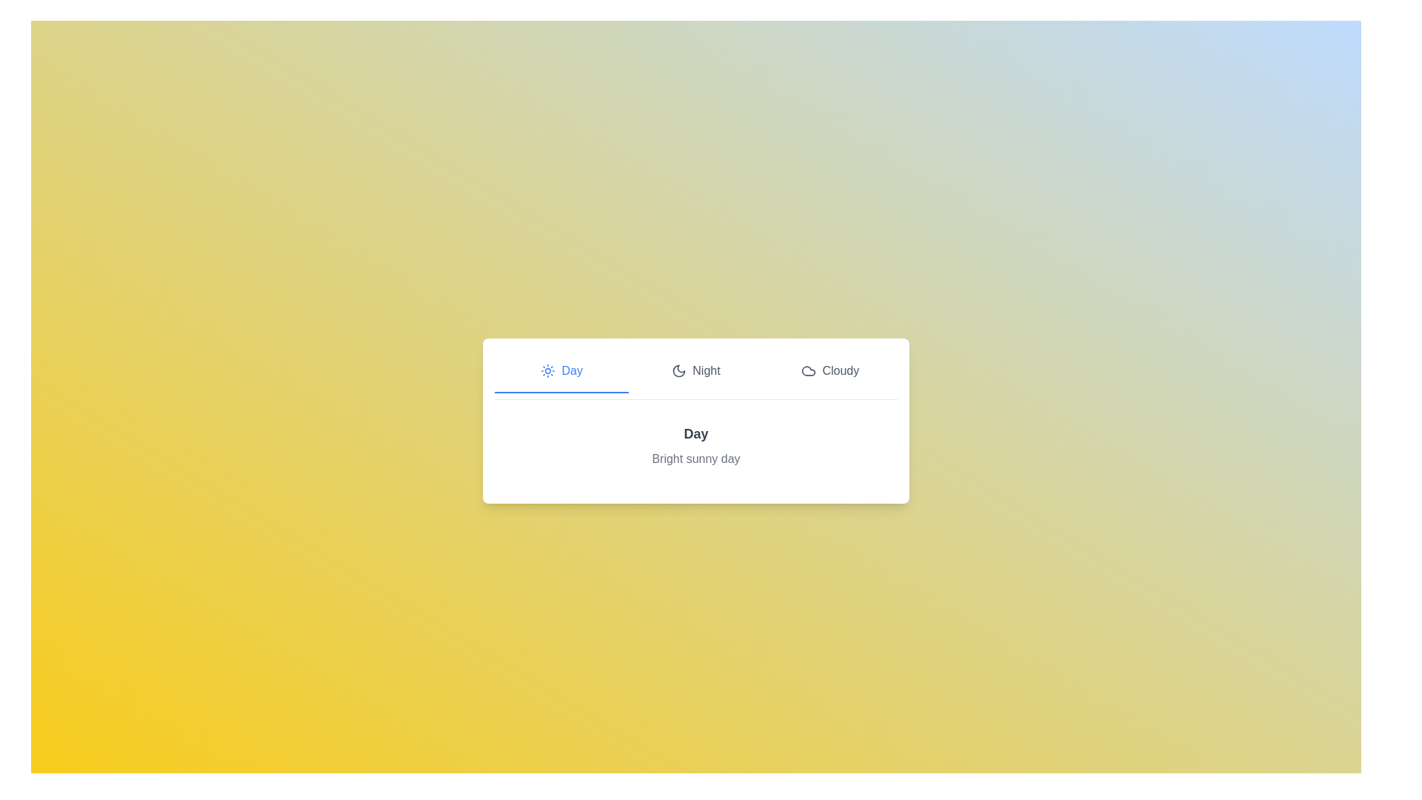 Image resolution: width=1422 pixels, height=800 pixels. I want to click on the tab Day to view its content, so click(561, 370).